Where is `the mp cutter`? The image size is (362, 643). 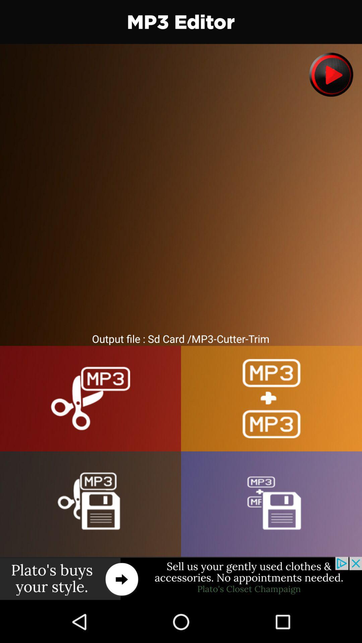
the mp cutter is located at coordinates (90, 399).